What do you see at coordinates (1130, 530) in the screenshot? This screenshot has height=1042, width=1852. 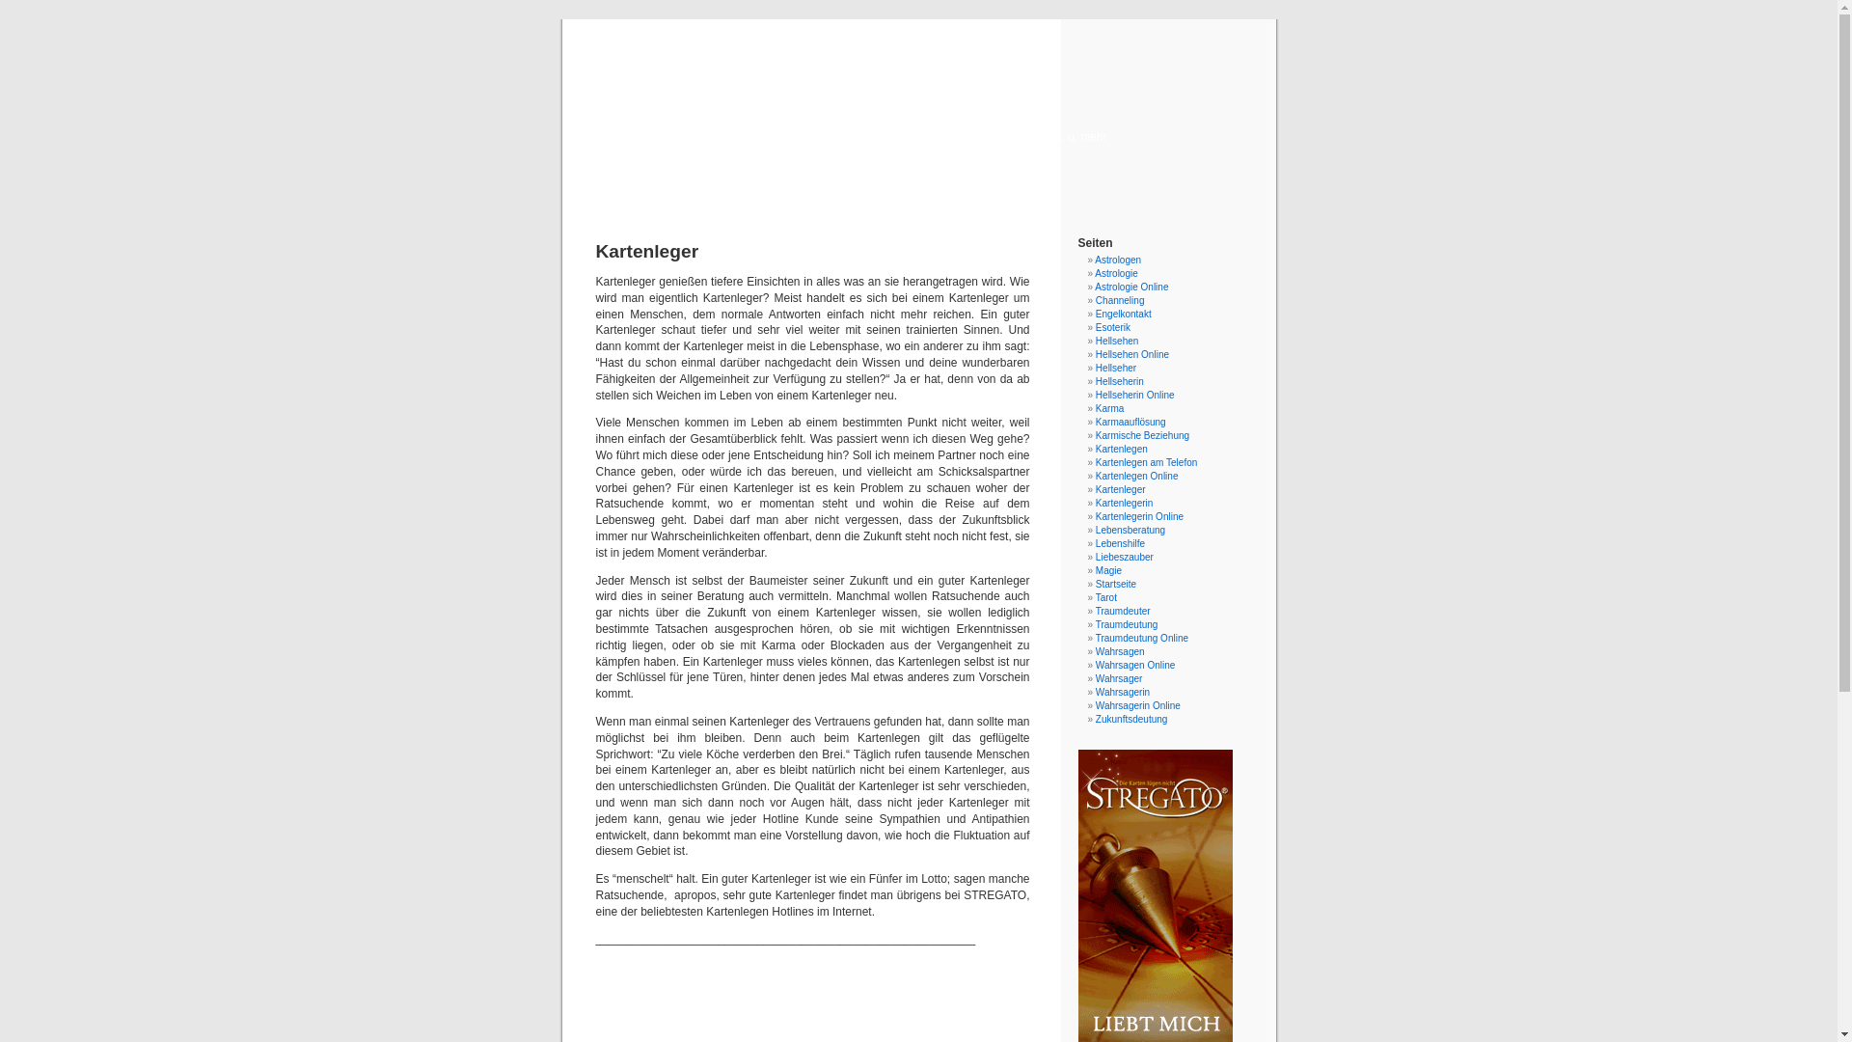 I see `'Lebensberatung'` at bounding box center [1130, 530].